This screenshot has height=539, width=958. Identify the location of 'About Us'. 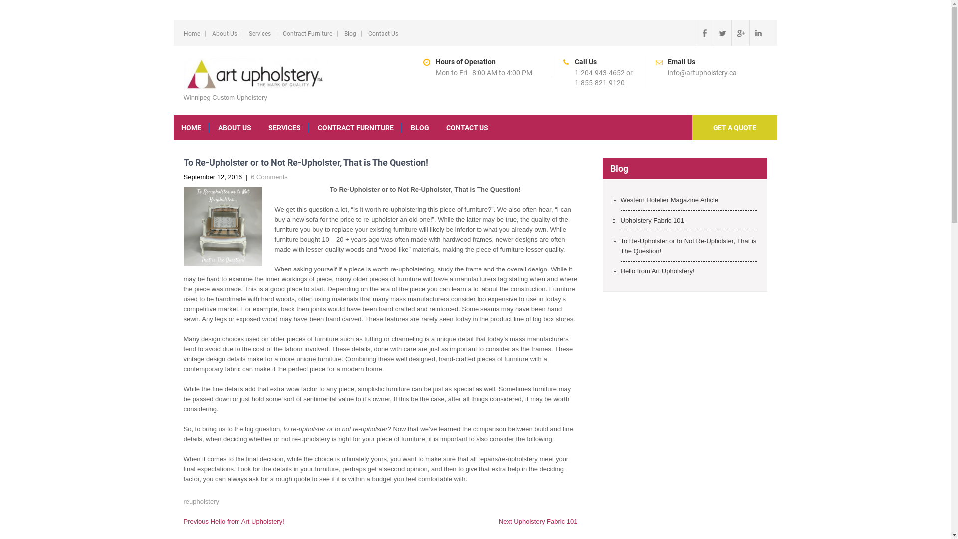
(224, 33).